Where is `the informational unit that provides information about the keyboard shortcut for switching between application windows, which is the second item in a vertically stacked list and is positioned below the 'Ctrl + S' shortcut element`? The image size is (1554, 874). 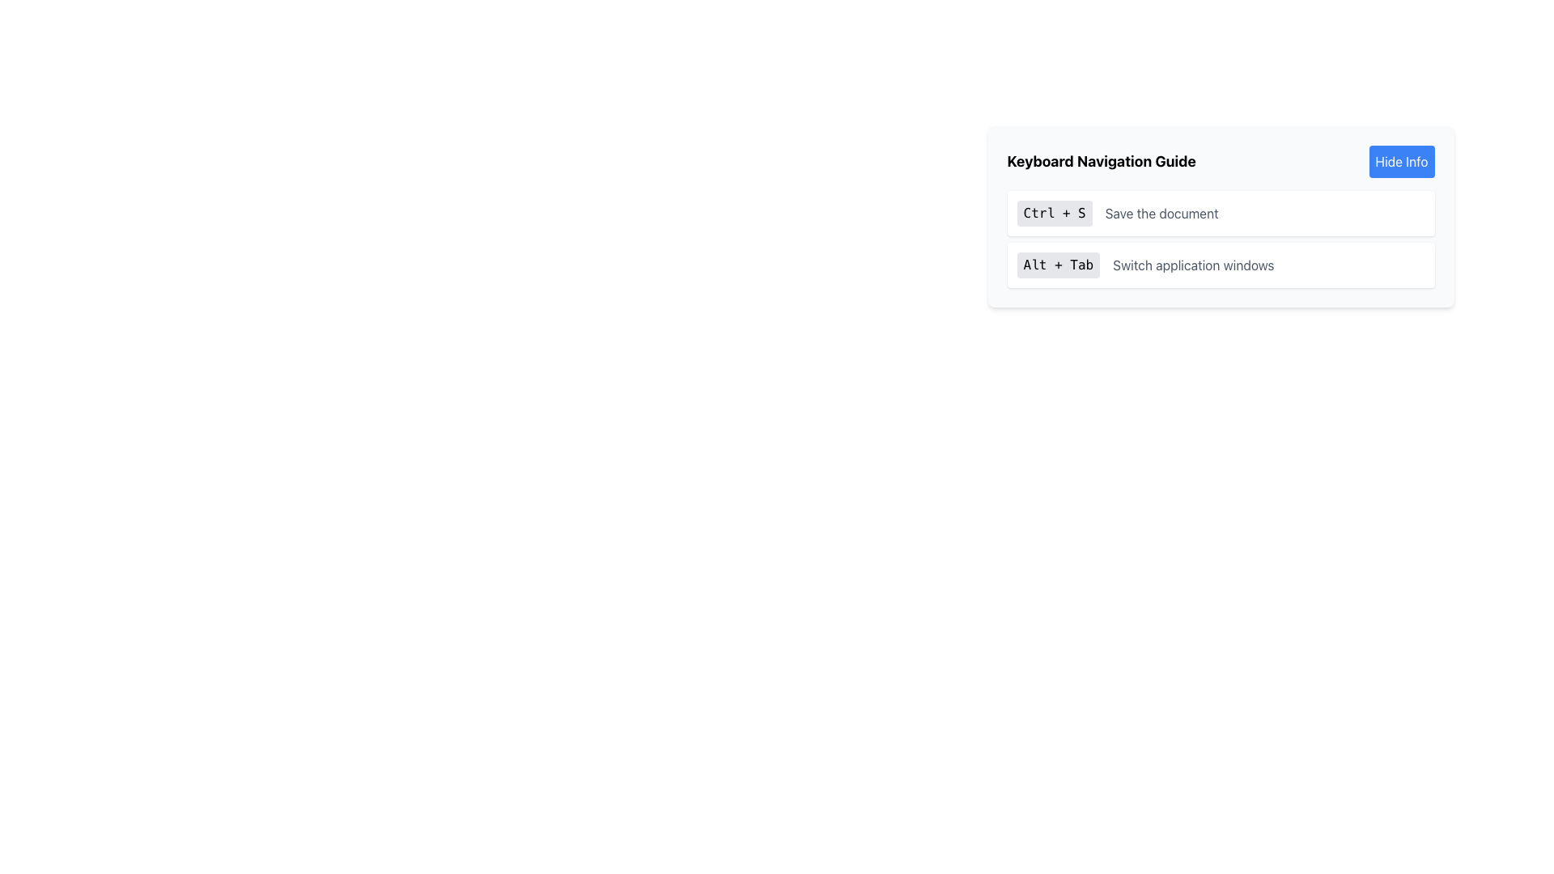
the informational unit that provides information about the keyboard shortcut for switching between application windows, which is the second item in a vertically stacked list and is positioned below the 'Ctrl + S' shortcut element is located at coordinates (1221, 264).